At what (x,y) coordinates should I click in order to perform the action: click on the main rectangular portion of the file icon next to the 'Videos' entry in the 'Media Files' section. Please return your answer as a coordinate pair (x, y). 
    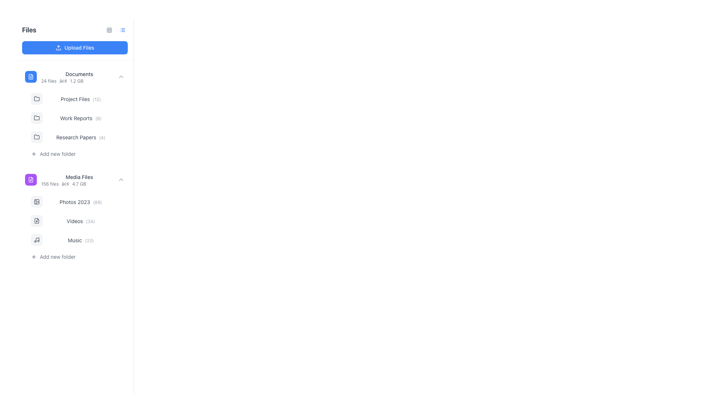
    Looking at the image, I should click on (36, 221).